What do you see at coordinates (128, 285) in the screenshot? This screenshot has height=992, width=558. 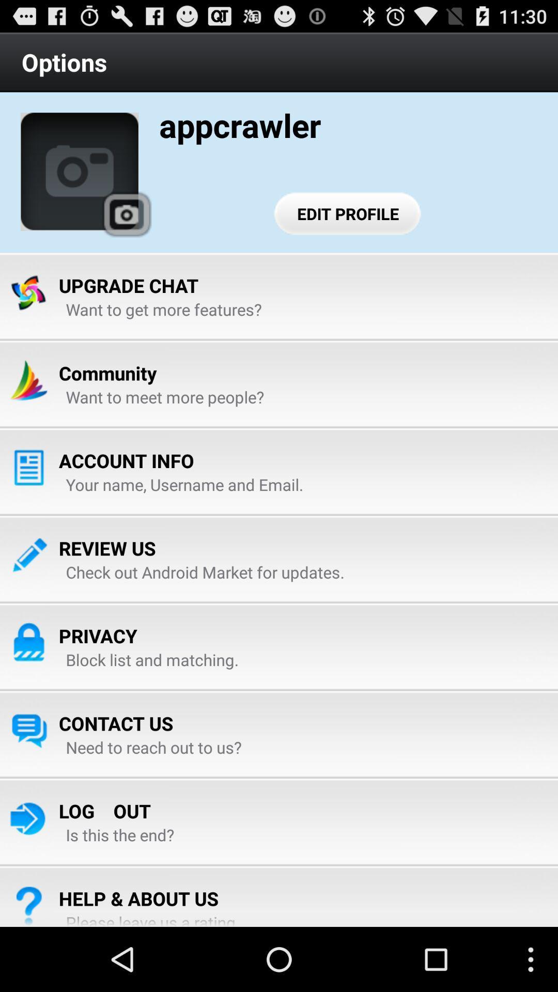 I see `the upgrade chat item` at bounding box center [128, 285].